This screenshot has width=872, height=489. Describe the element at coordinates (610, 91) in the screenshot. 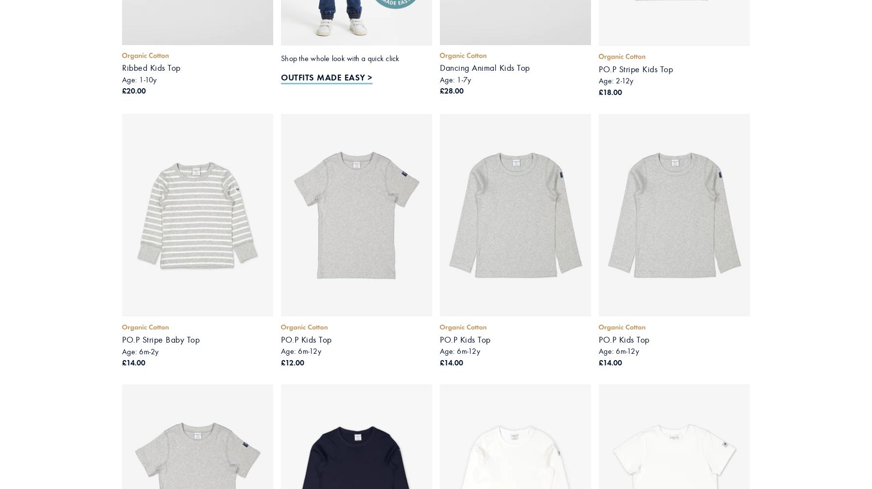

I see `'£18.00'` at that location.